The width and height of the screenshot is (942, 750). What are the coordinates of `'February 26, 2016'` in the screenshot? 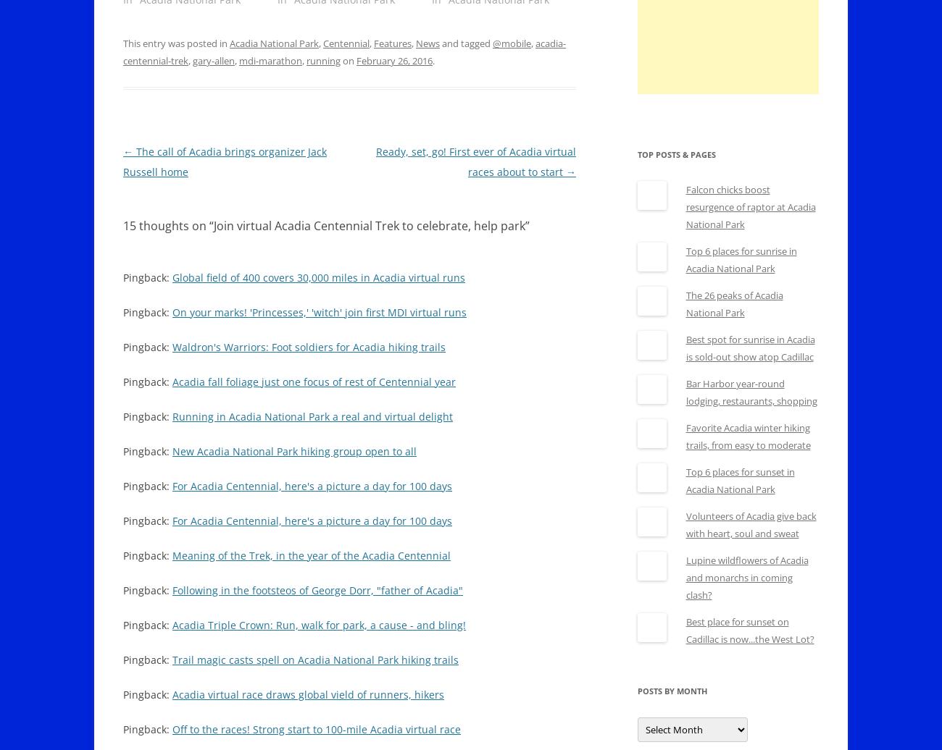 It's located at (393, 61).